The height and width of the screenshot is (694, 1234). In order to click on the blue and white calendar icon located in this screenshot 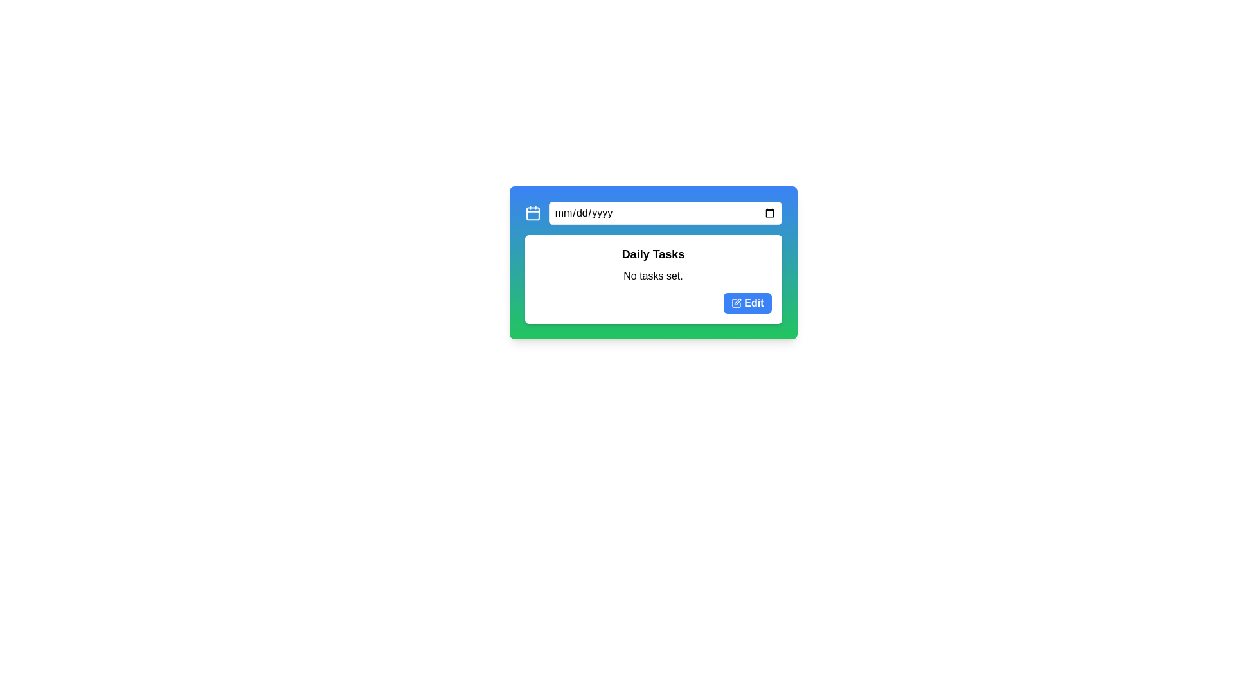, I will do `click(533, 212)`.